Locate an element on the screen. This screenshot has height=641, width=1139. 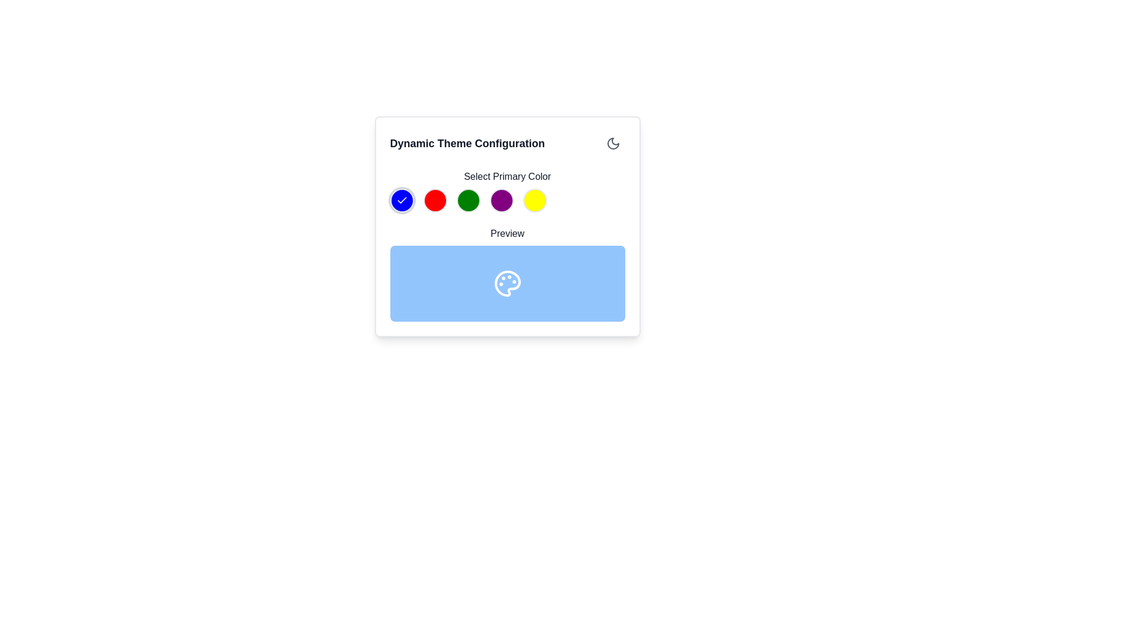
the circular button with a blue background and a white checkmark is located at coordinates (402, 200).